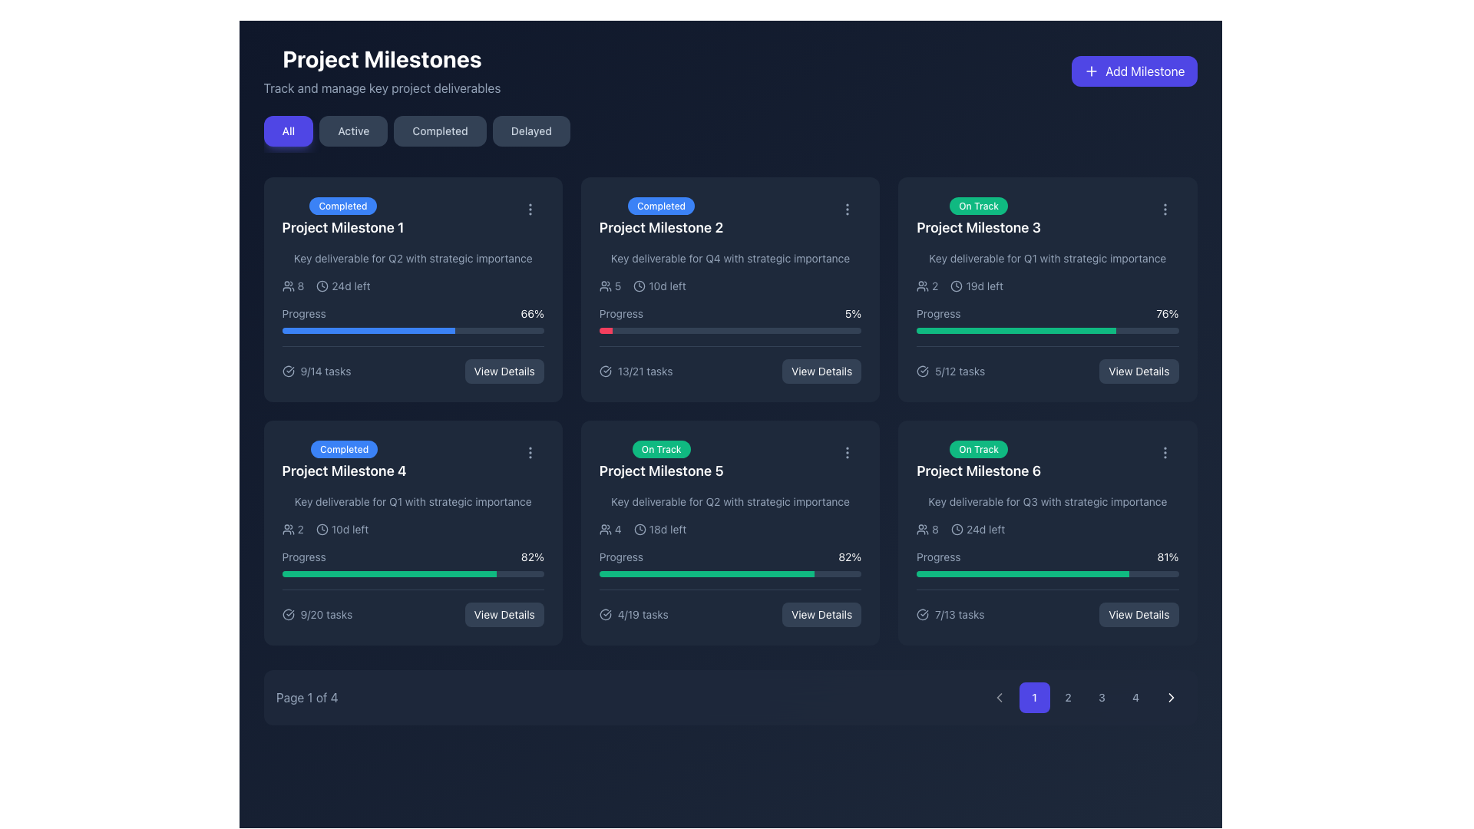 The image size is (1474, 829). What do you see at coordinates (1165, 452) in the screenshot?
I see `the Icon button located in the top-right corner of the 'On Track' card for 'Project Milestone 6'` at bounding box center [1165, 452].